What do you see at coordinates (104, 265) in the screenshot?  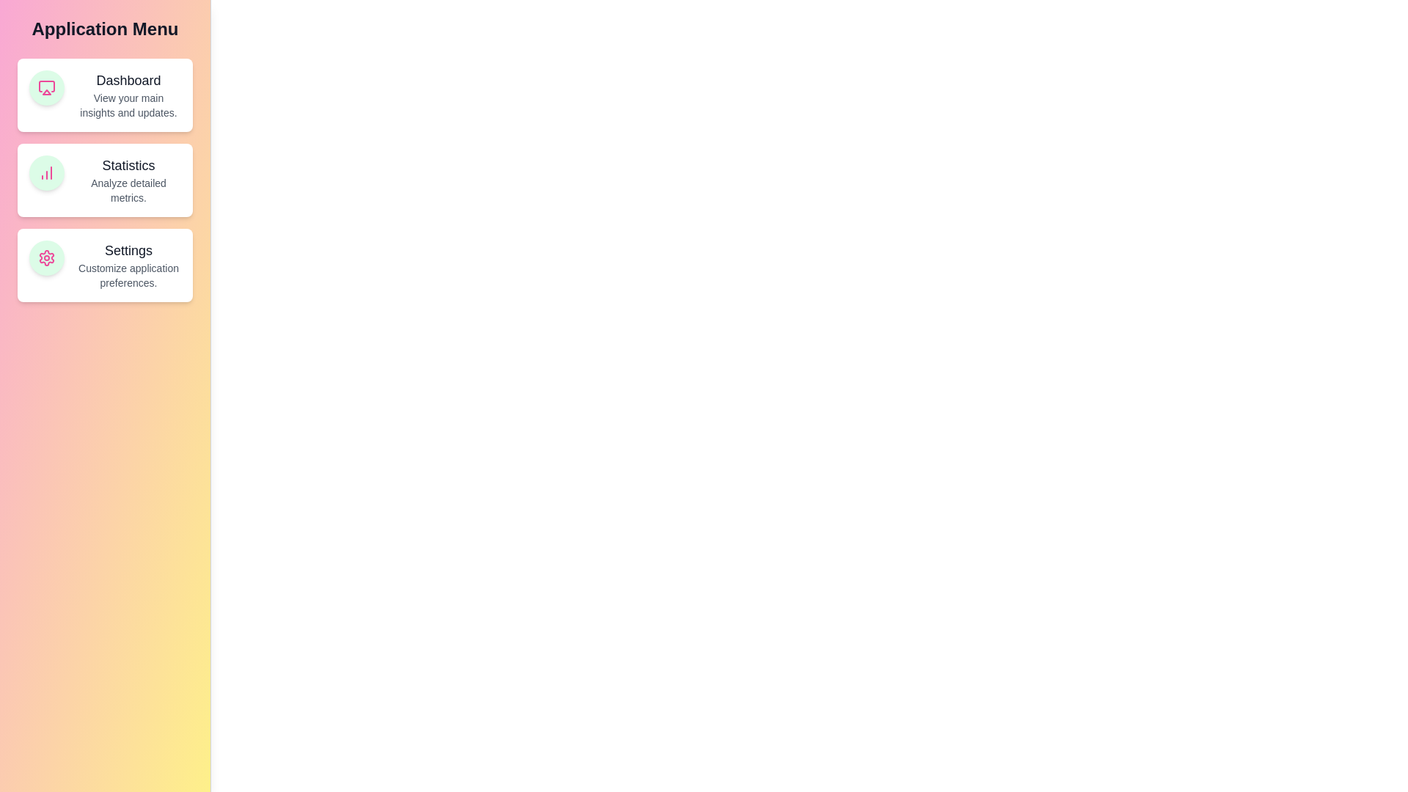 I see `the feature card titled Settings` at bounding box center [104, 265].